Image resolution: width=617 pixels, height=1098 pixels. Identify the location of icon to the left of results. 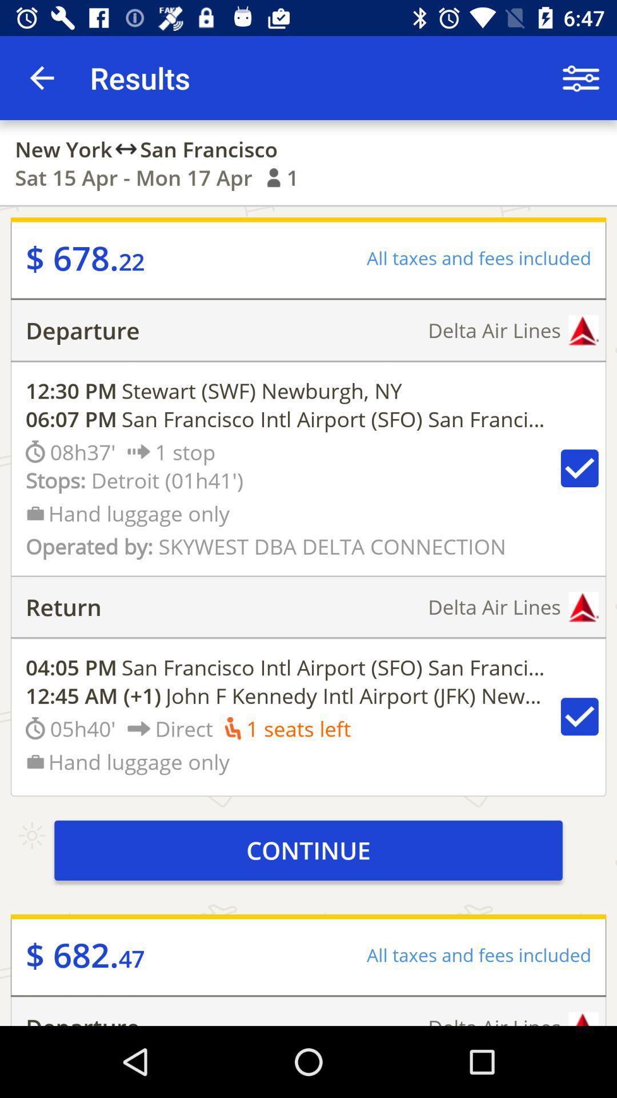
(41, 77).